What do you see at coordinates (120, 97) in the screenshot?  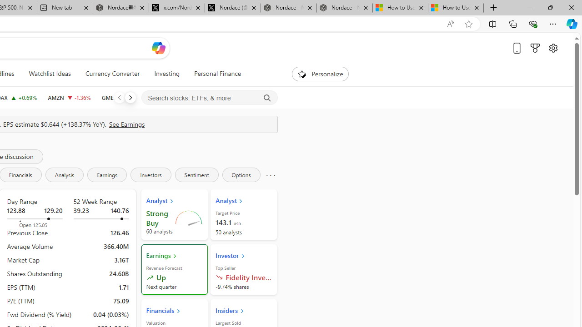 I see `'GME GAMESTOP CORP. decrease 20.74 -0.62 -2.90%'` at bounding box center [120, 97].